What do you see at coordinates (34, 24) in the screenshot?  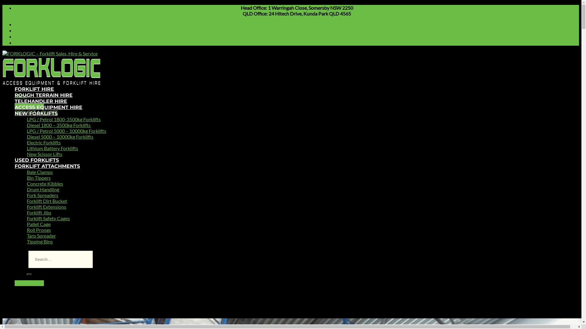 I see `'Forklift Finance'` at bounding box center [34, 24].